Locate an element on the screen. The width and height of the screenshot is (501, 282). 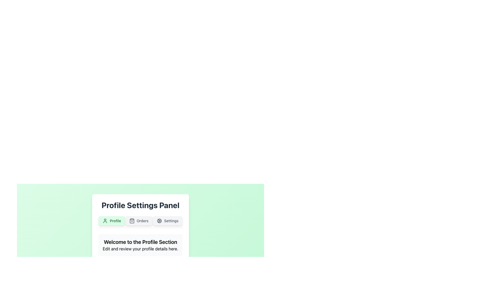
the introductory text block in the Profile Settings Panel that guides users to edit and review their profile details is located at coordinates (140, 245).